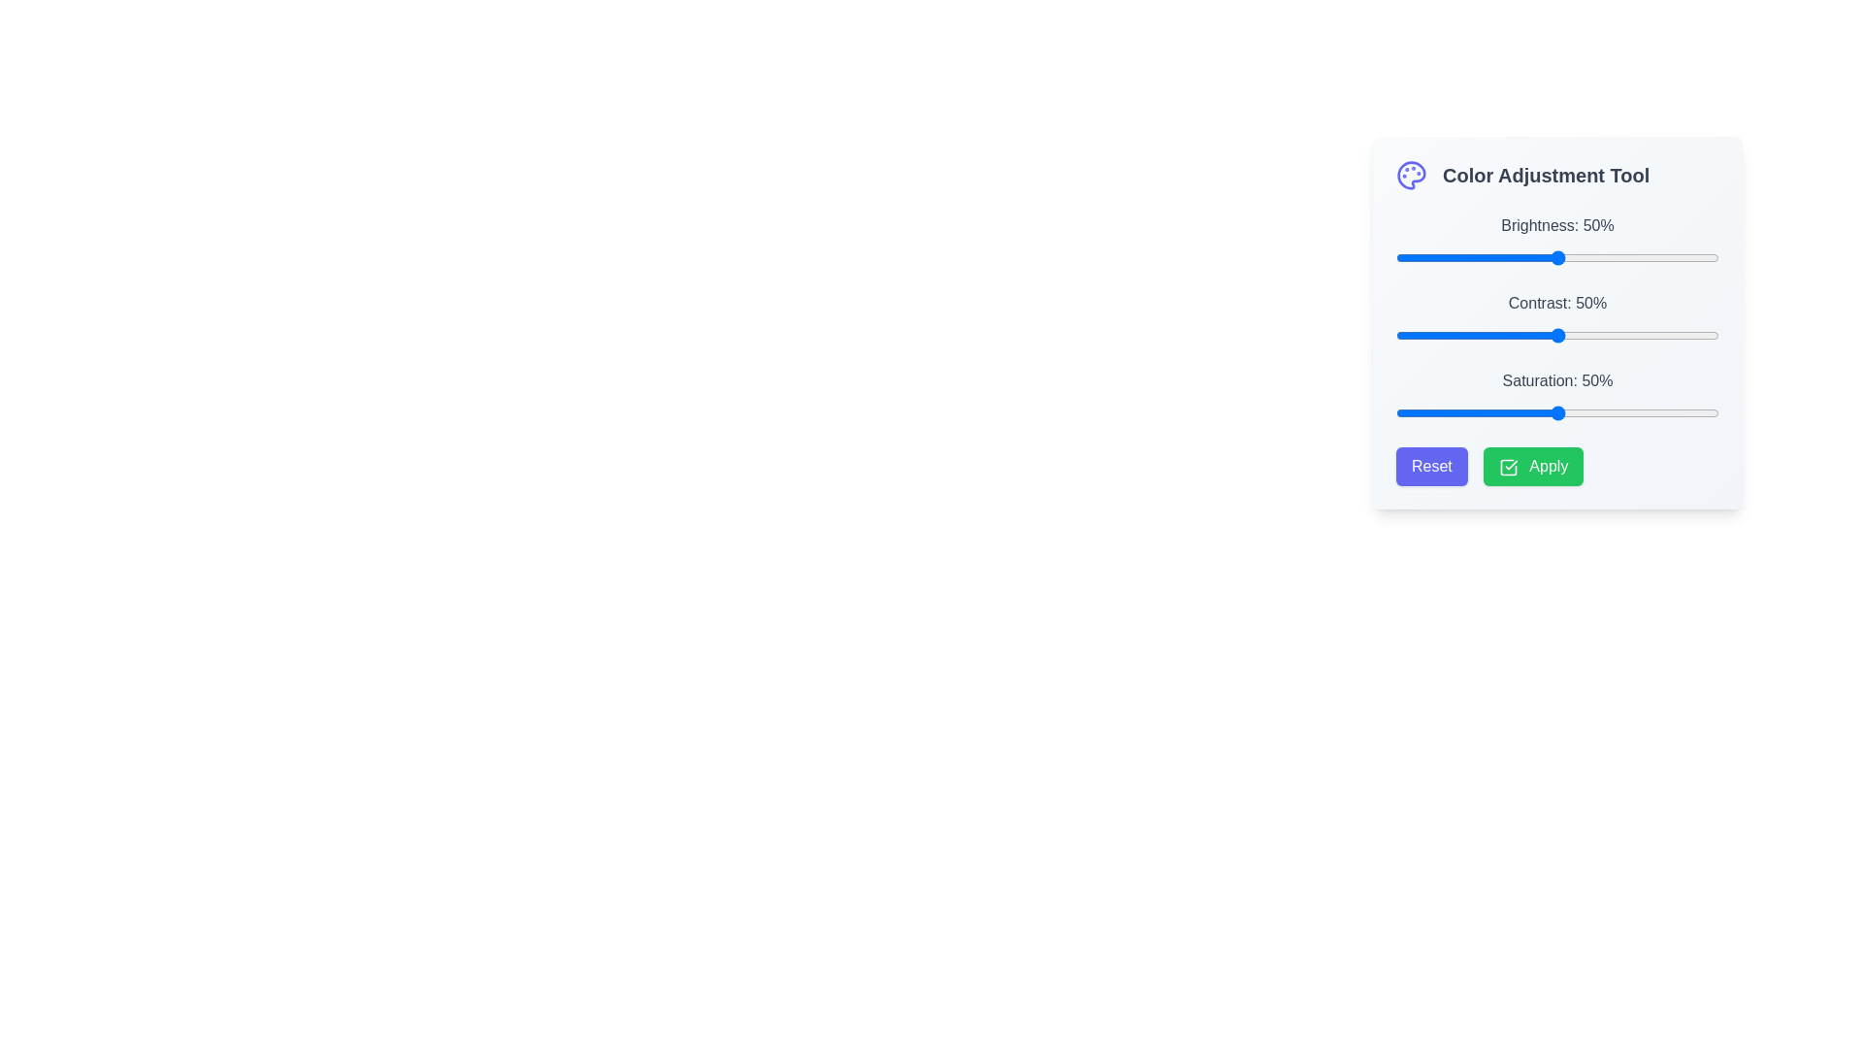 This screenshot has height=1048, width=1863. I want to click on the contrast, so click(1702, 335).